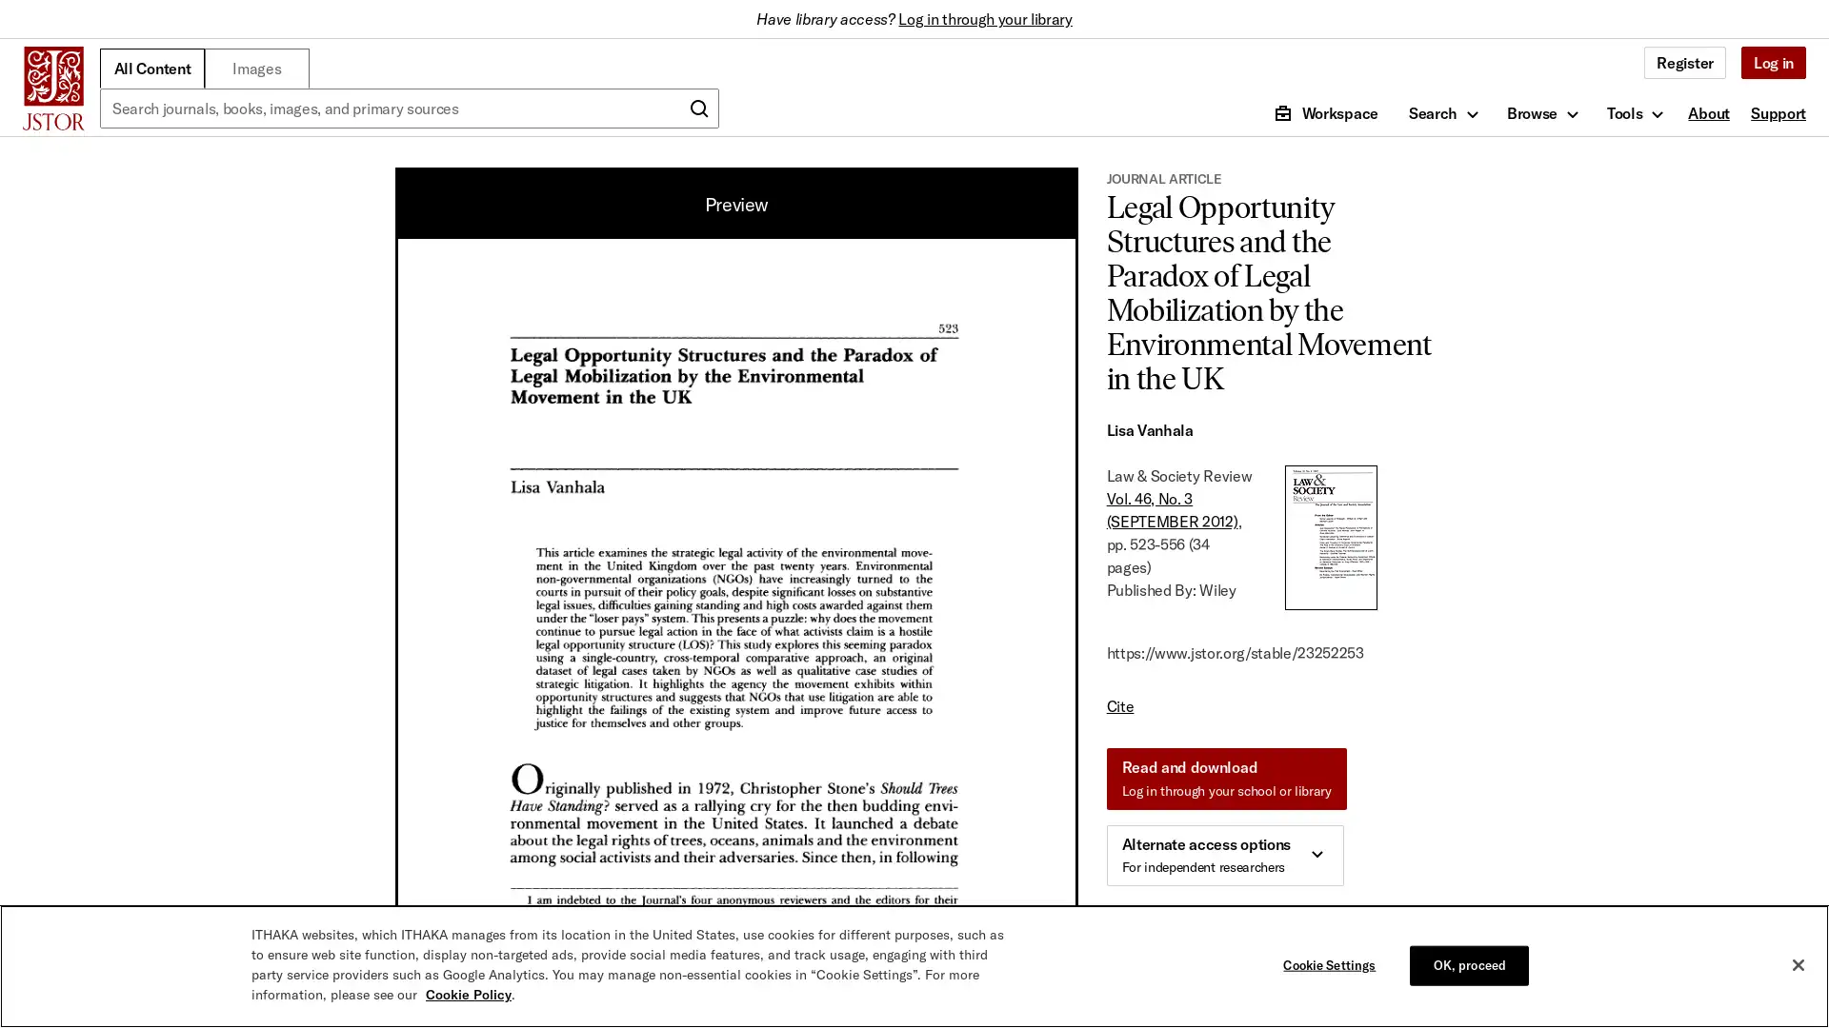 The height and width of the screenshot is (1028, 1829). What do you see at coordinates (698, 109) in the screenshot?
I see `Submit search` at bounding box center [698, 109].